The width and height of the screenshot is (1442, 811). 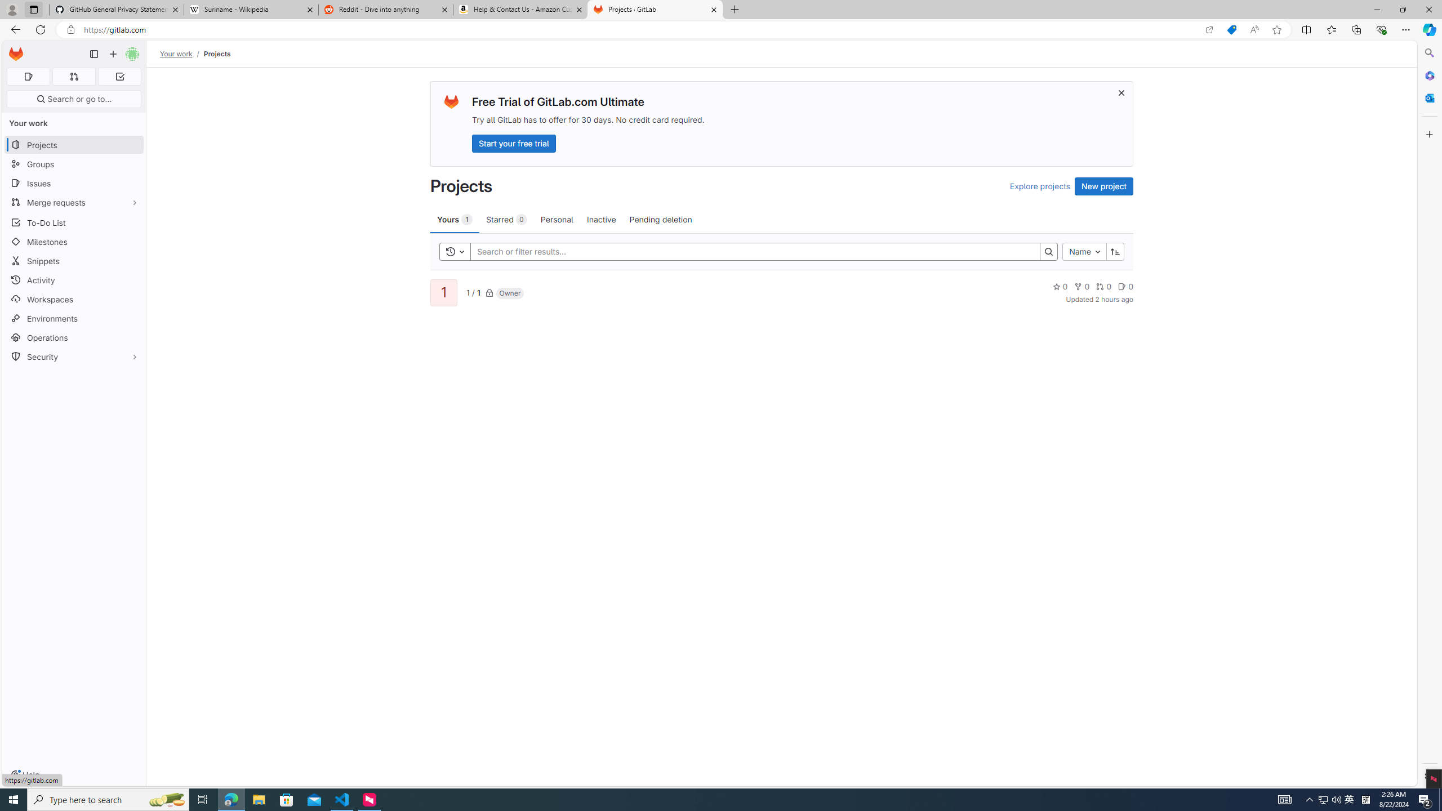 I want to click on 'Yours 1', so click(x=455, y=219).